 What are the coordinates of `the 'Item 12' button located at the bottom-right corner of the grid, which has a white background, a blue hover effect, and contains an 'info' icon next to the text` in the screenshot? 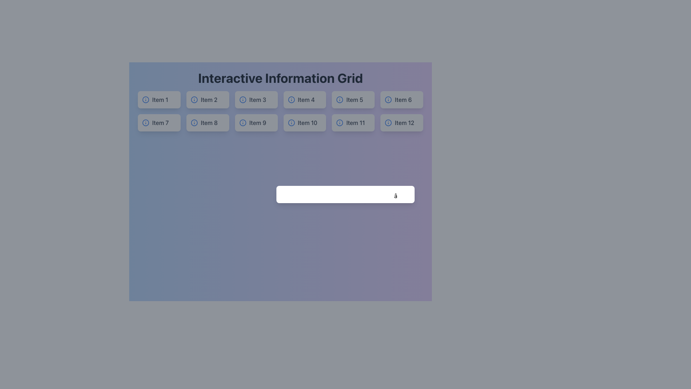 It's located at (401, 122).